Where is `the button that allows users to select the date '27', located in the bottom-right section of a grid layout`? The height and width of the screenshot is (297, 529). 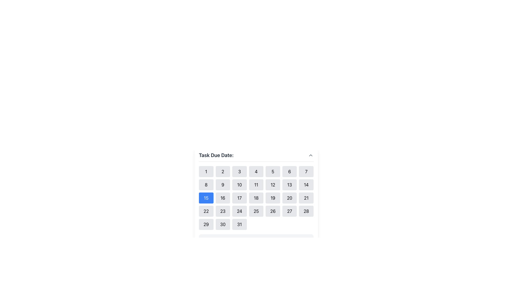 the button that allows users to select the date '27', located in the bottom-right section of a grid layout is located at coordinates (289, 211).